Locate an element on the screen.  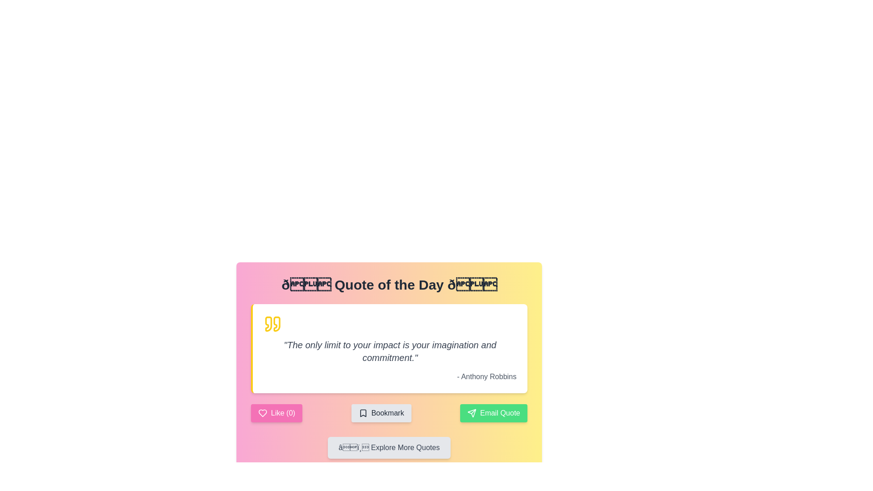
the heart-shaped icon located above the text 'Like (0)' and to the left of the 'Bookmark' button in the quoted content card is located at coordinates (262, 413).